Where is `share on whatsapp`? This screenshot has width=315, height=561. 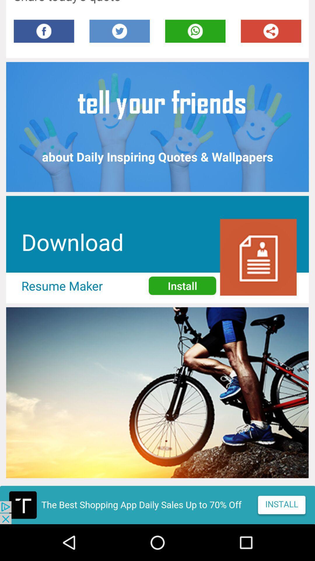
share on whatsapp is located at coordinates (195, 31).